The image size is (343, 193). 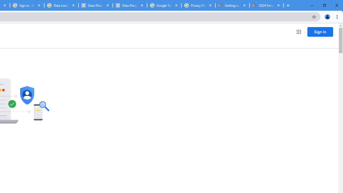 What do you see at coordinates (327, 16) in the screenshot?
I see `'You'` at bounding box center [327, 16].